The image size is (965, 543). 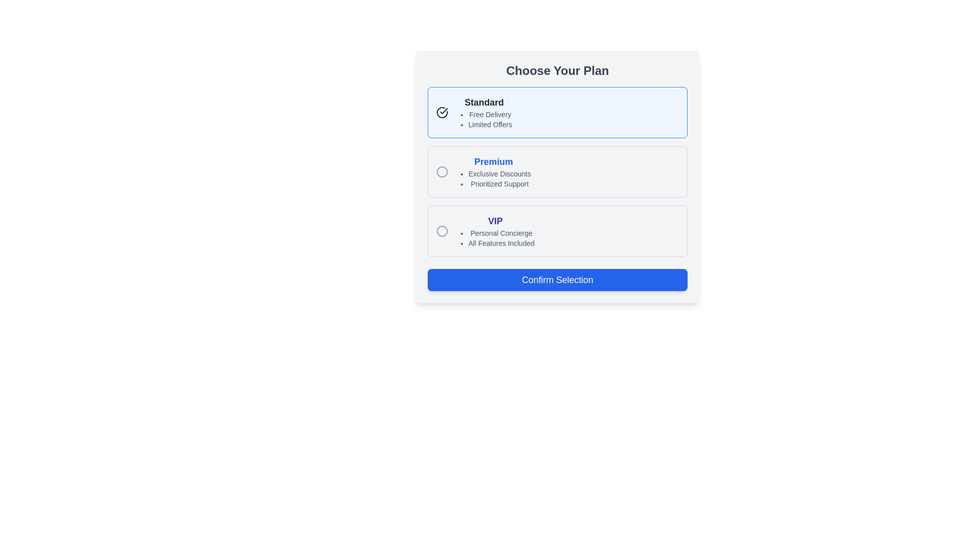 I want to click on the text 'All Features Included' which is the second item in the bulleted list under the 'VIP' subscription option, so click(x=501, y=243).